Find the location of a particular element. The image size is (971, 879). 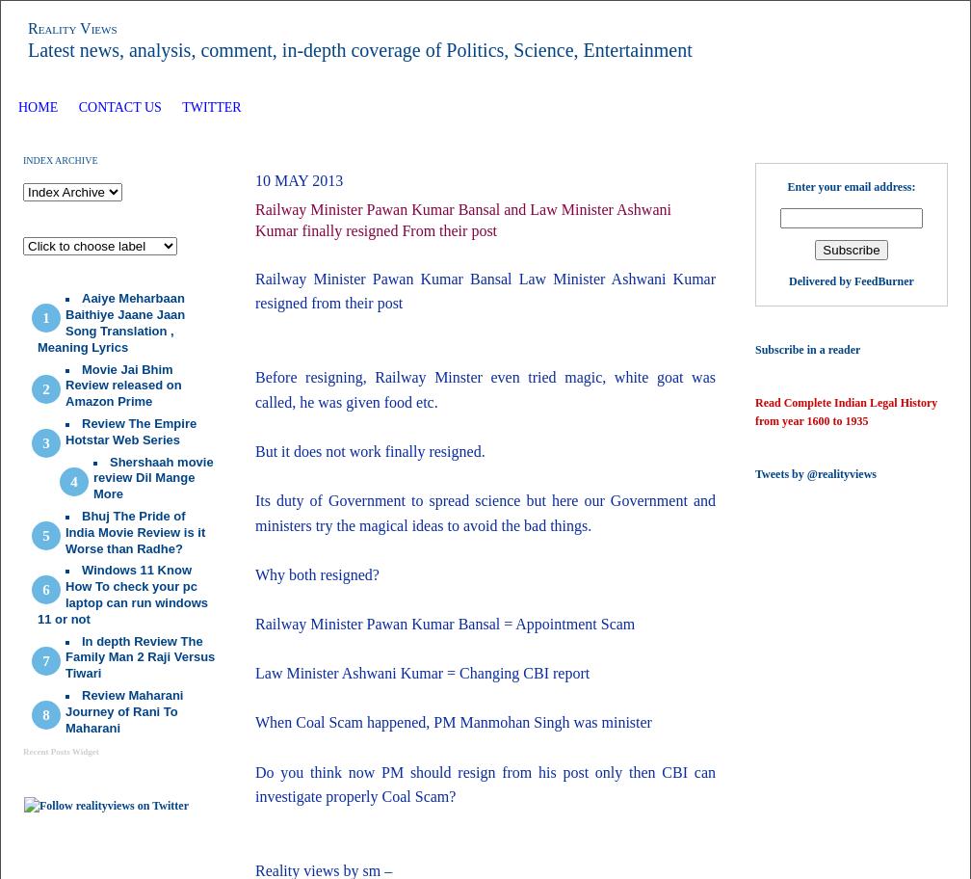

'Twitter' is located at coordinates (182, 107).